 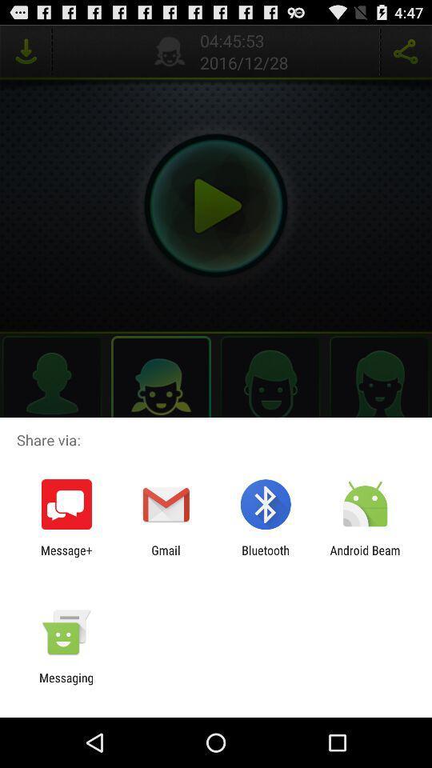 I want to click on messaging item, so click(x=66, y=684).